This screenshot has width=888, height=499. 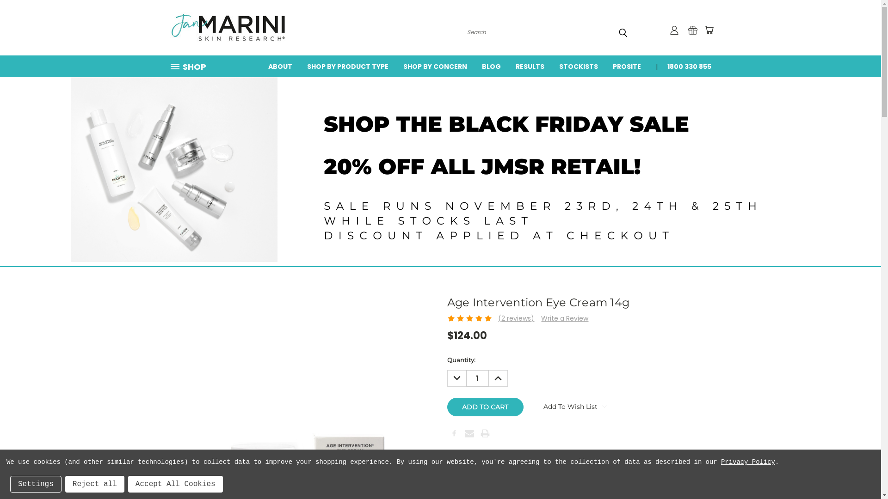 I want to click on 'RESULTS', so click(x=530, y=65).